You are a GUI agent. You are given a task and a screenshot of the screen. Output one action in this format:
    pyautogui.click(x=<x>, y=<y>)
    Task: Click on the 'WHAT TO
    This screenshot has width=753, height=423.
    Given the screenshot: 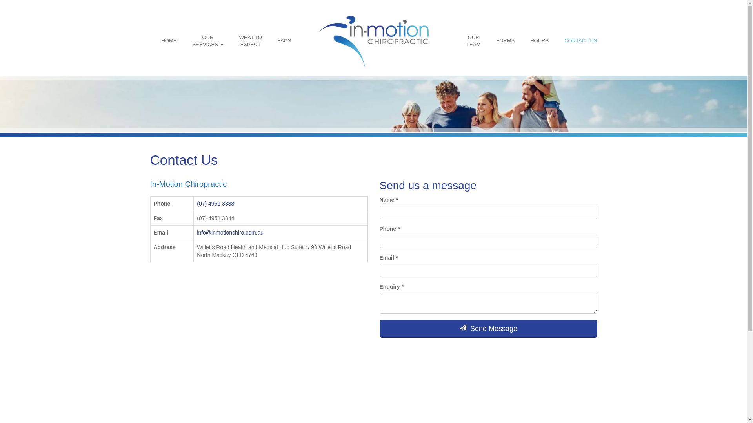 What is the action you would take?
    pyautogui.click(x=250, y=41)
    